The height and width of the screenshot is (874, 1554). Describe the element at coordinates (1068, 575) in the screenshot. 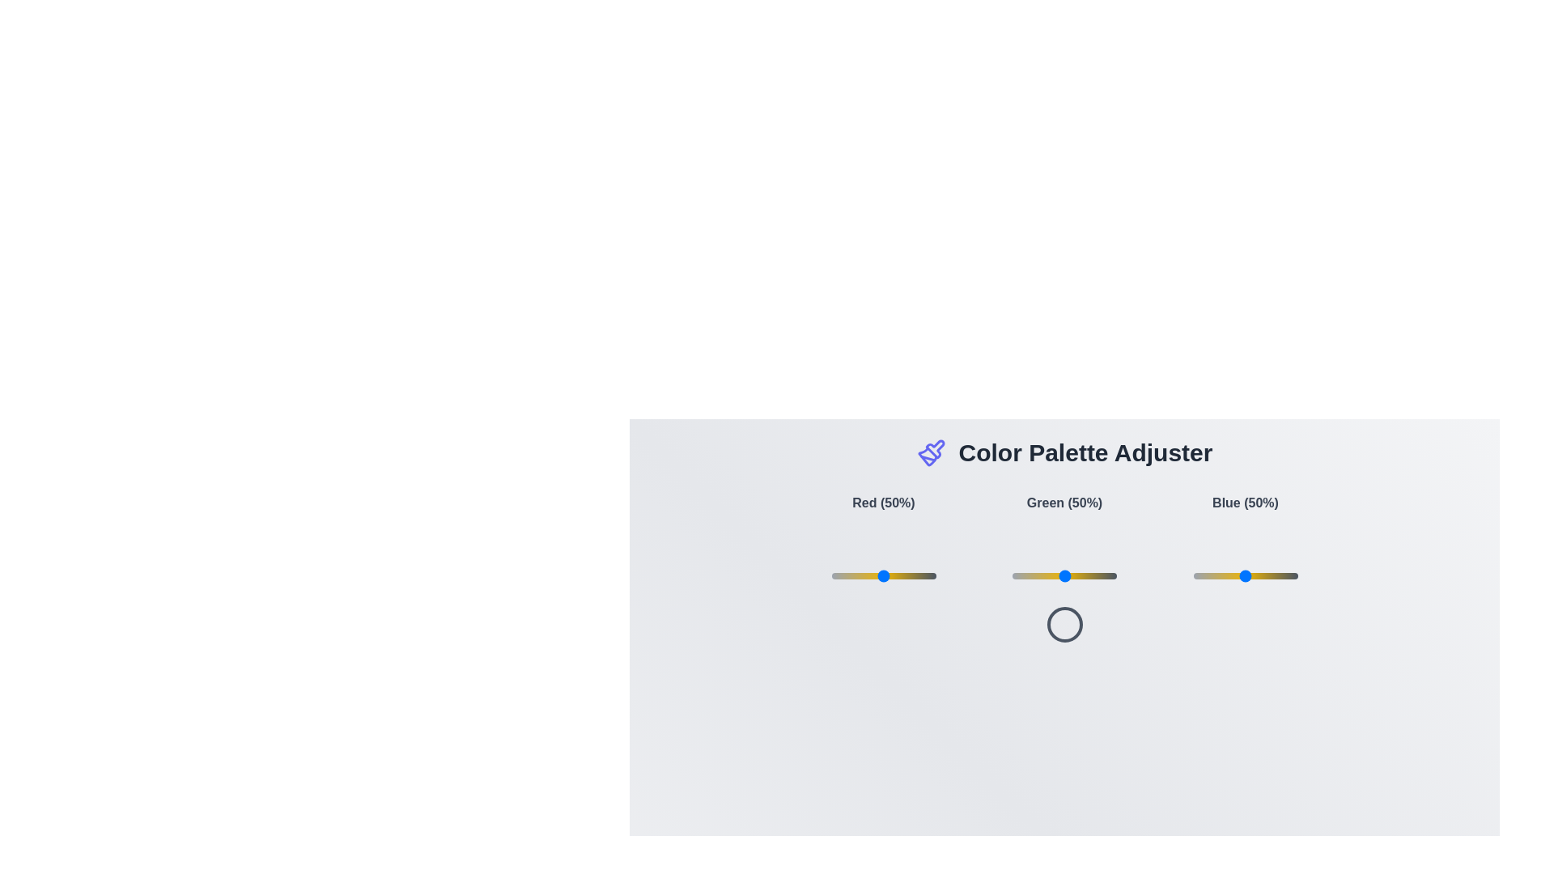

I see `the green slider to 53%` at that location.